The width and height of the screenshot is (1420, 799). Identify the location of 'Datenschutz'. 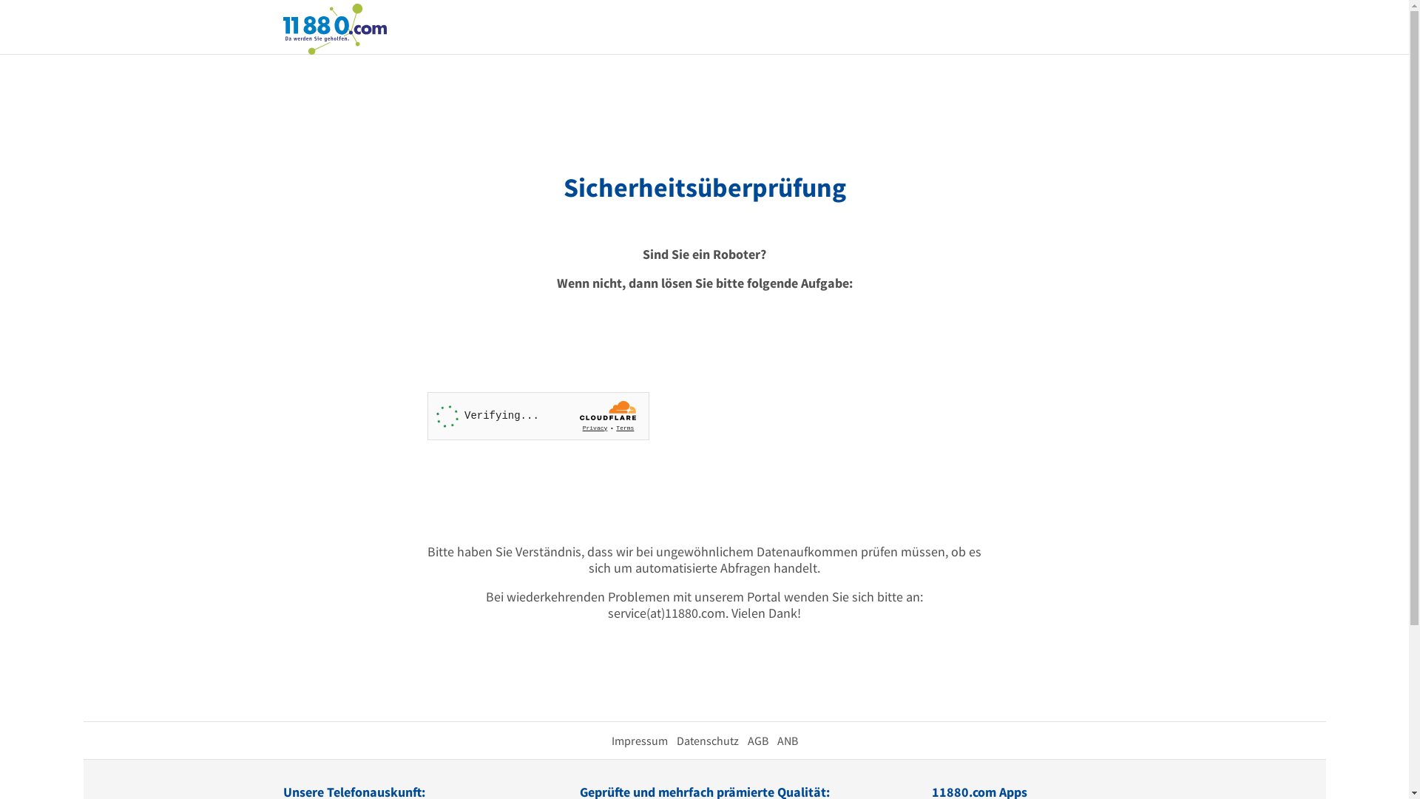
(706, 741).